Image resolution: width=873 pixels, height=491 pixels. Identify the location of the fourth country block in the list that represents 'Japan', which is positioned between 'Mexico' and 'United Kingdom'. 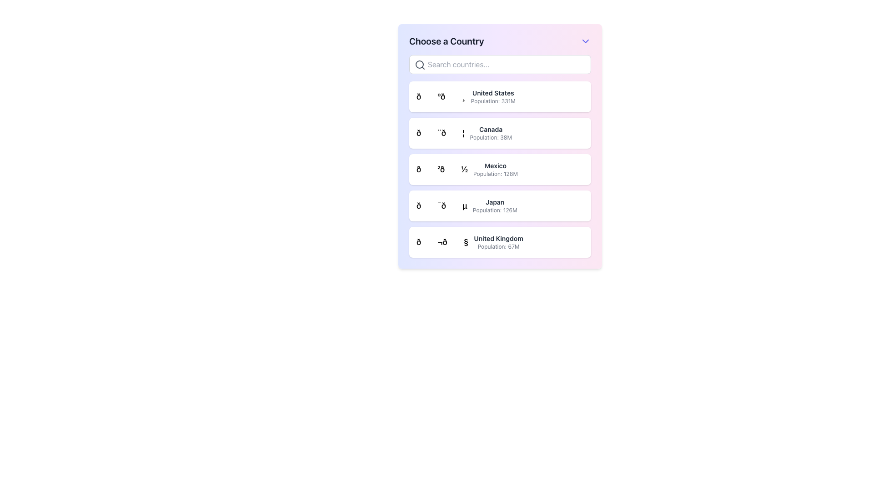
(499, 205).